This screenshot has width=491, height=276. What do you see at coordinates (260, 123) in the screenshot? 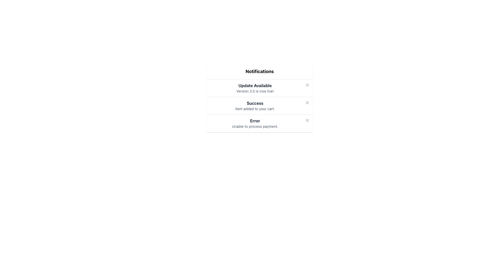
I see `the text-based notification box that displays error details during the payment process to trigger a potential tooltip or highlight` at bounding box center [260, 123].